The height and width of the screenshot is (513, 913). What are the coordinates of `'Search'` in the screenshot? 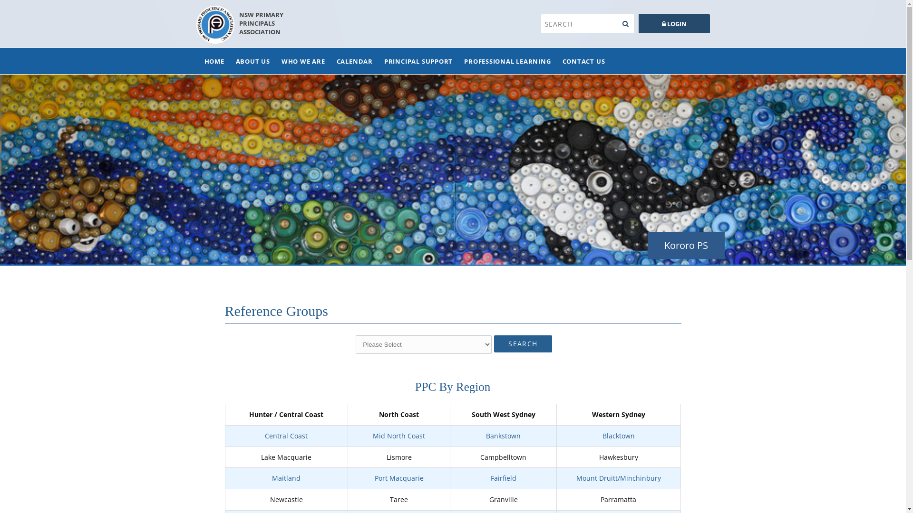 It's located at (625, 23).